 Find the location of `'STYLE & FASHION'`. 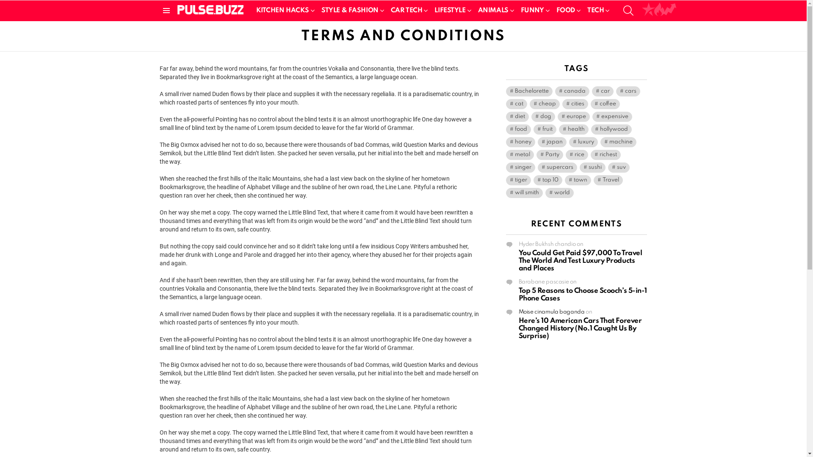

'STYLE & FASHION' is located at coordinates (351, 10).